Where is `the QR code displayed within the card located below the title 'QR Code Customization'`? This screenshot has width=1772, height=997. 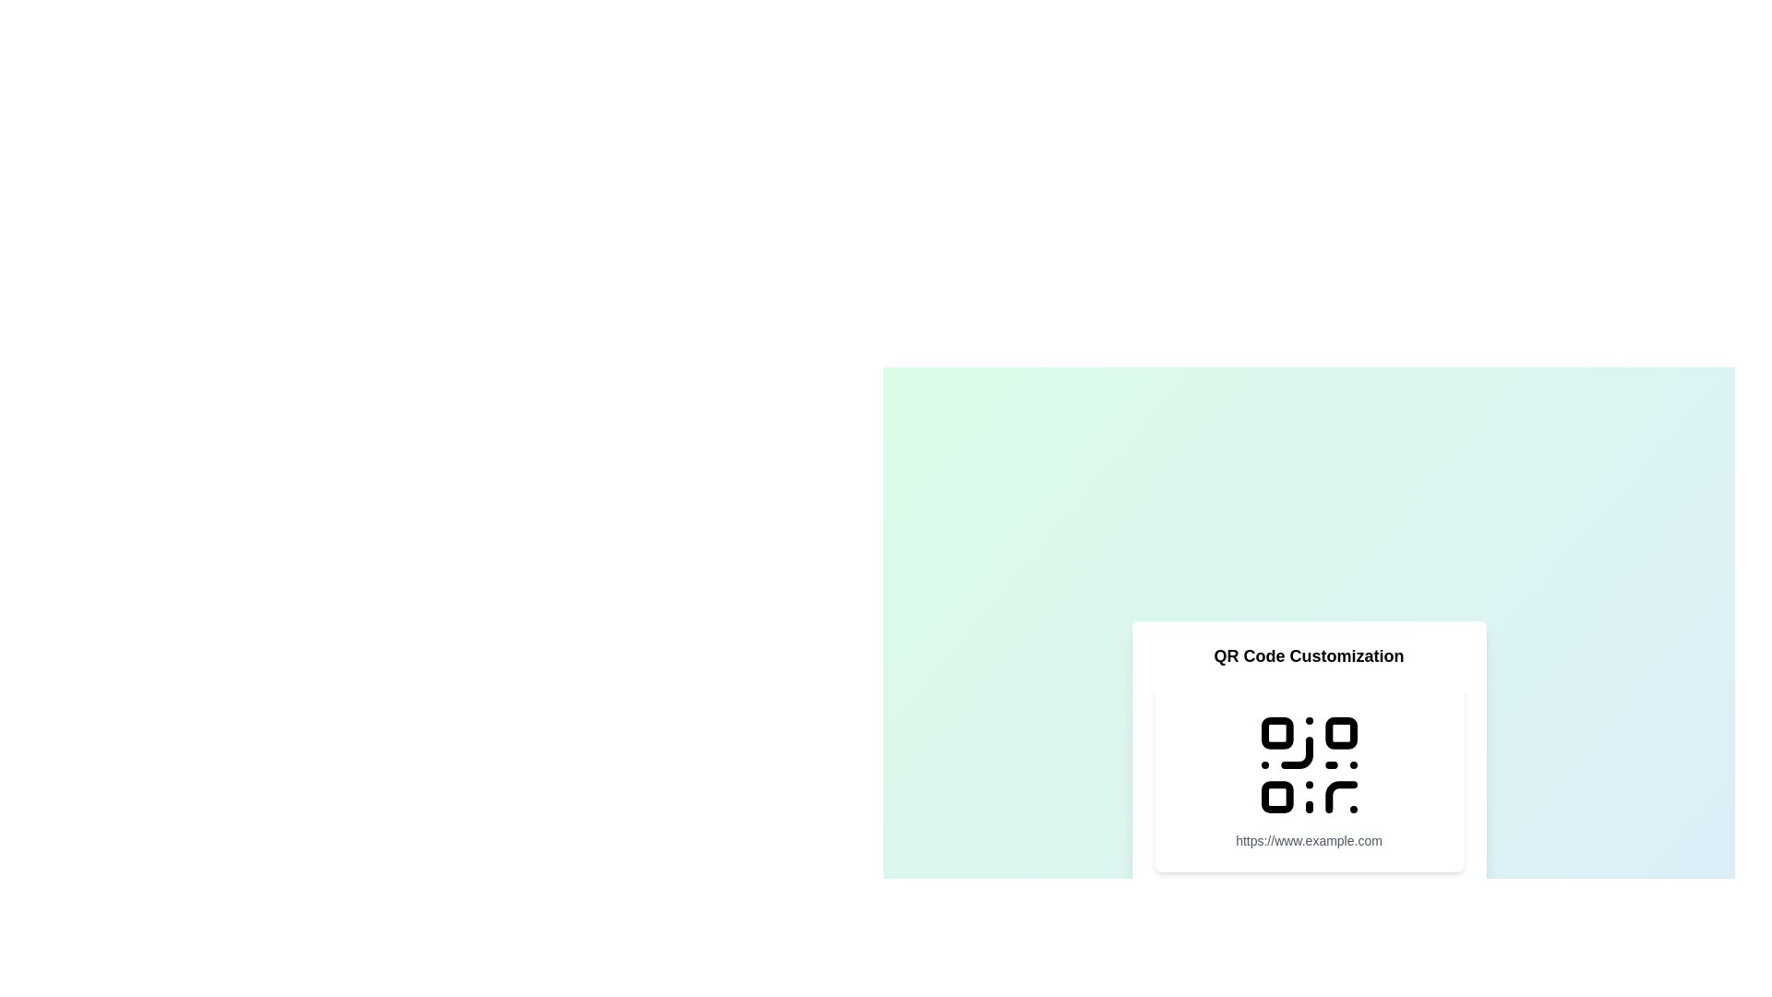
the QR code displayed within the card located below the title 'QR Code Customization' is located at coordinates (1308, 777).